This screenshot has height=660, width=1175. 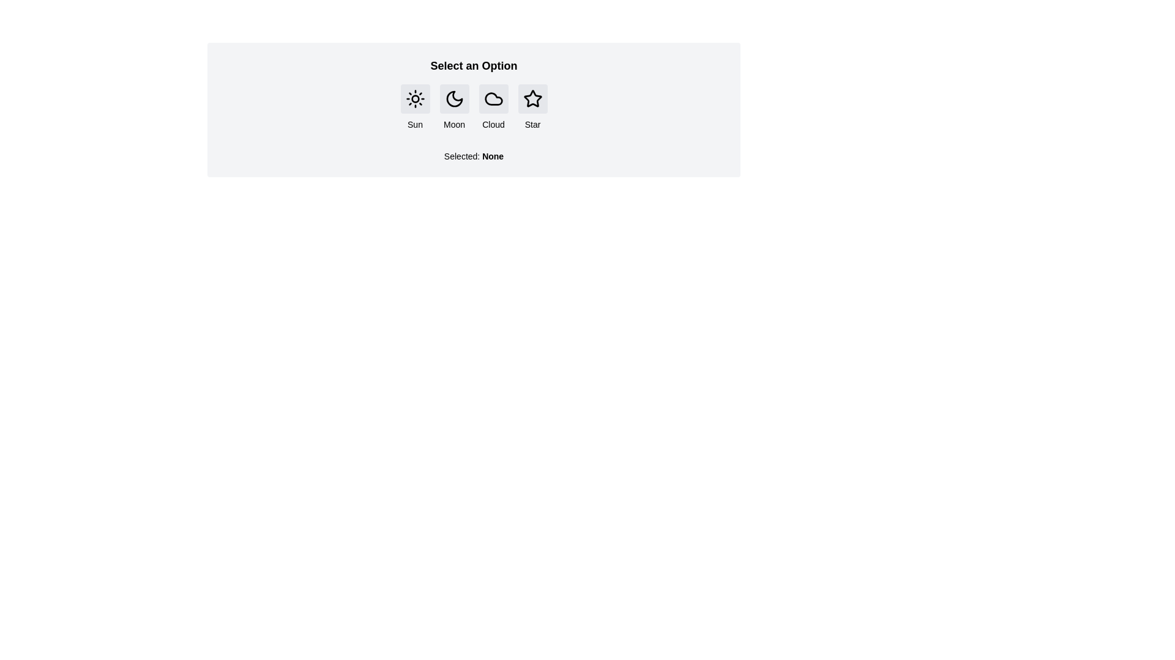 What do you see at coordinates (473, 150) in the screenshot?
I see `the text label that indicates the currently selected option, which displays 'Selected: None' by default and is located beneath the icons for 'Sun', 'Moon', 'Cloud', and 'Star'` at bounding box center [473, 150].